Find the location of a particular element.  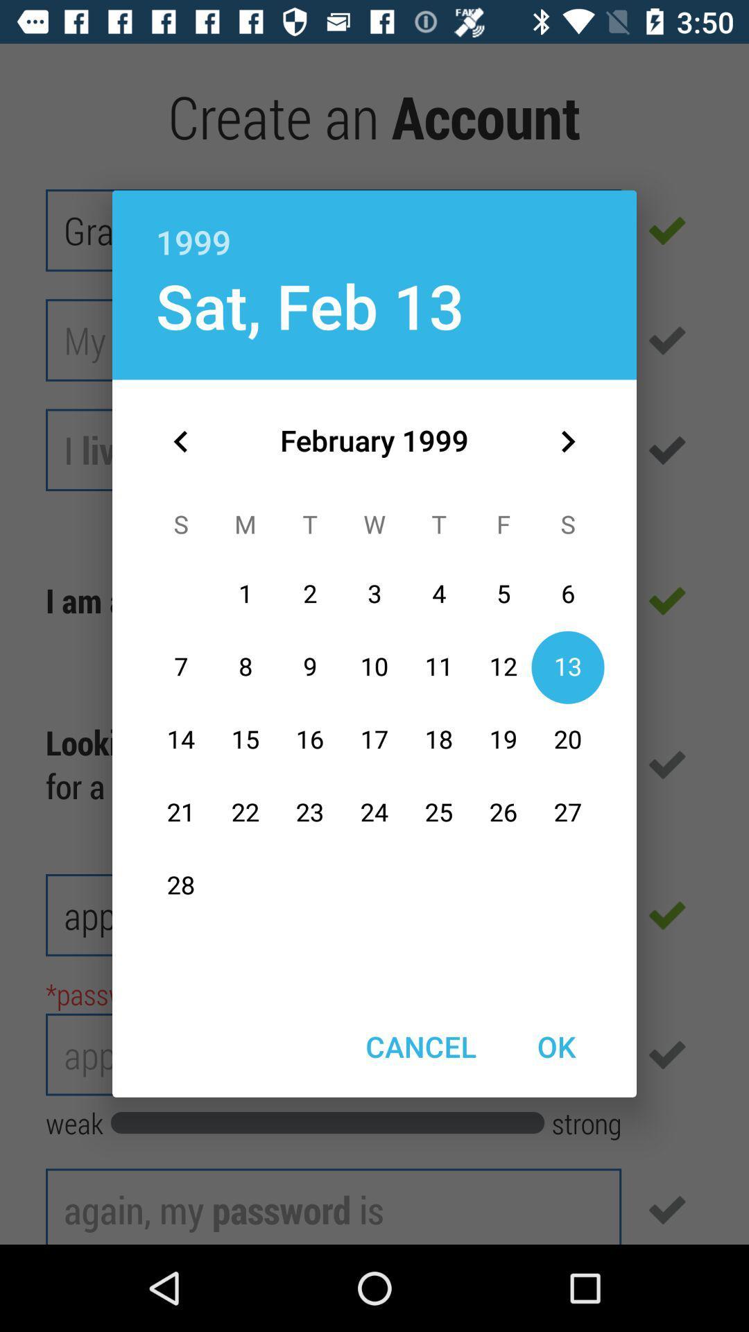

the cancel at the bottom is located at coordinates (420, 1046).